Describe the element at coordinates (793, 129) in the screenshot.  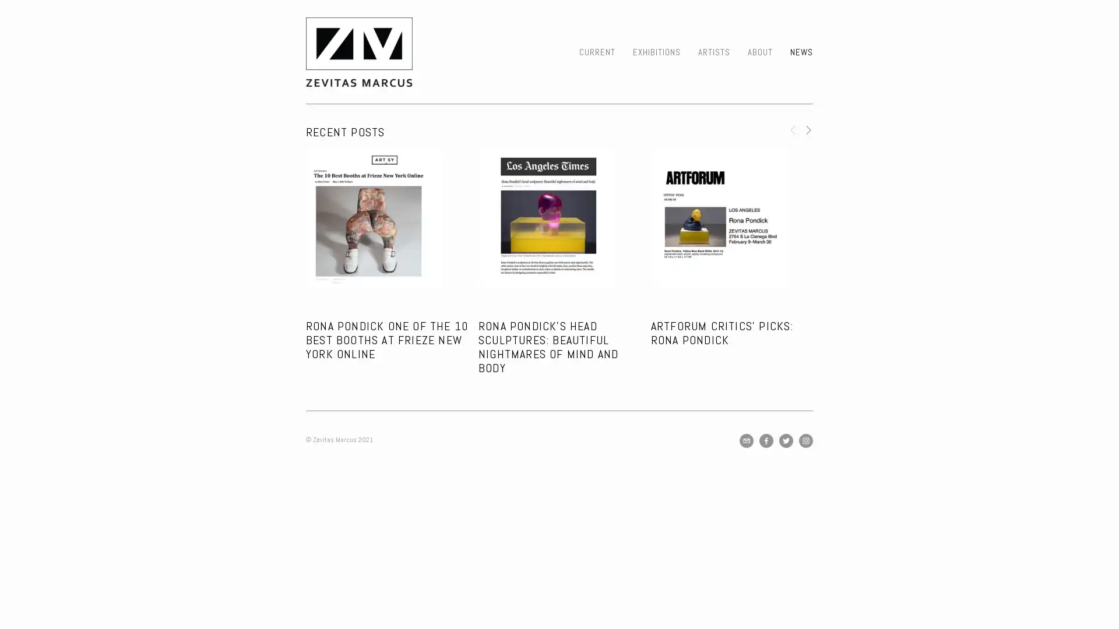
I see `Previous` at that location.